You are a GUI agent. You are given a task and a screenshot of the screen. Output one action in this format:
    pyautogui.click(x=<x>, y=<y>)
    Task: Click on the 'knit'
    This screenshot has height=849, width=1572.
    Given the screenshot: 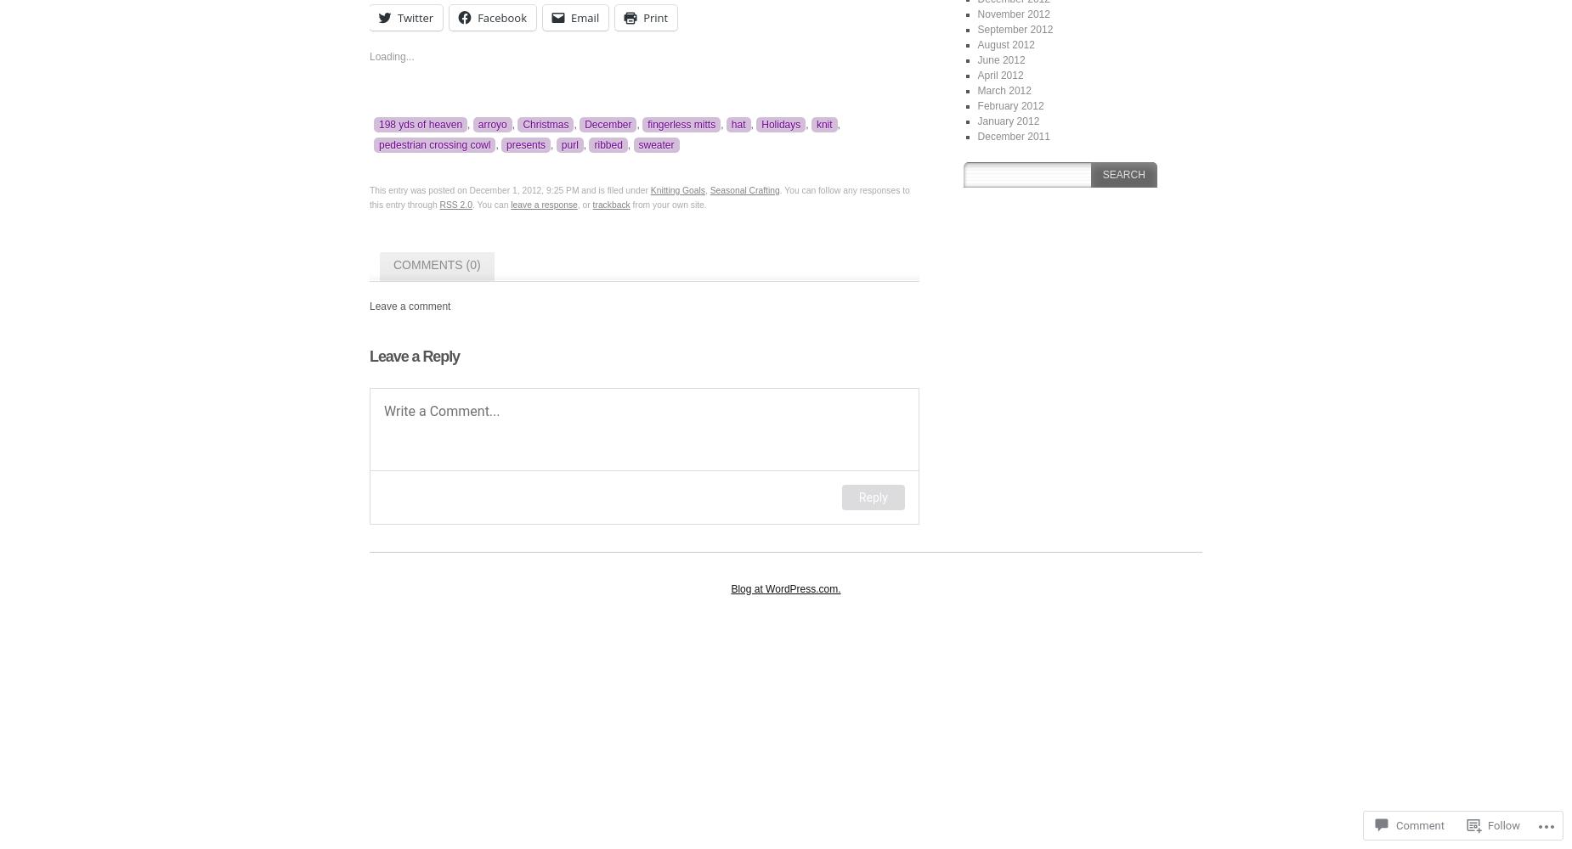 What is the action you would take?
    pyautogui.click(x=814, y=124)
    